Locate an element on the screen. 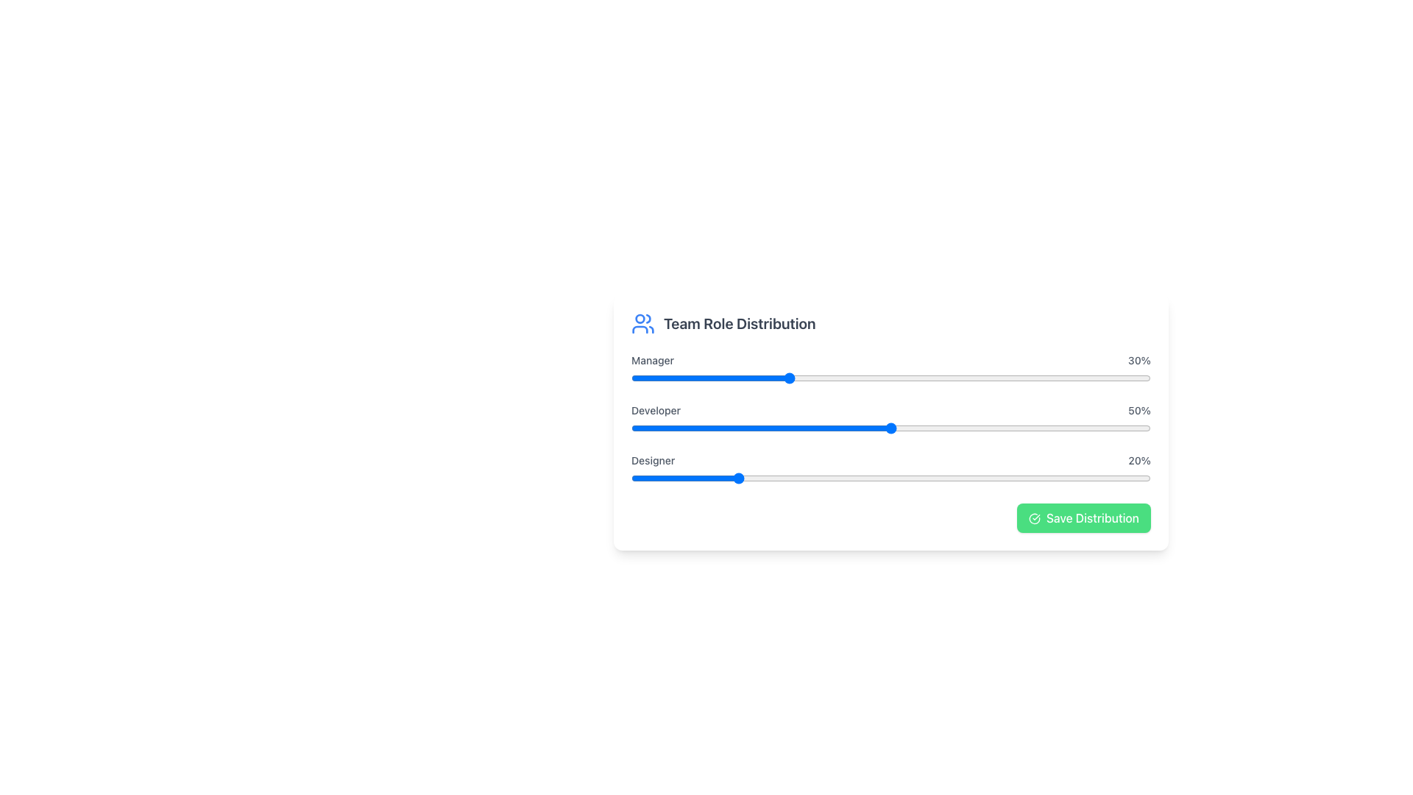 The height and width of the screenshot is (795, 1413). the numerical indicator displaying '30%' next to the label 'Manager', which is styled in a small font with medium weight and gray color is located at coordinates (1138, 360).